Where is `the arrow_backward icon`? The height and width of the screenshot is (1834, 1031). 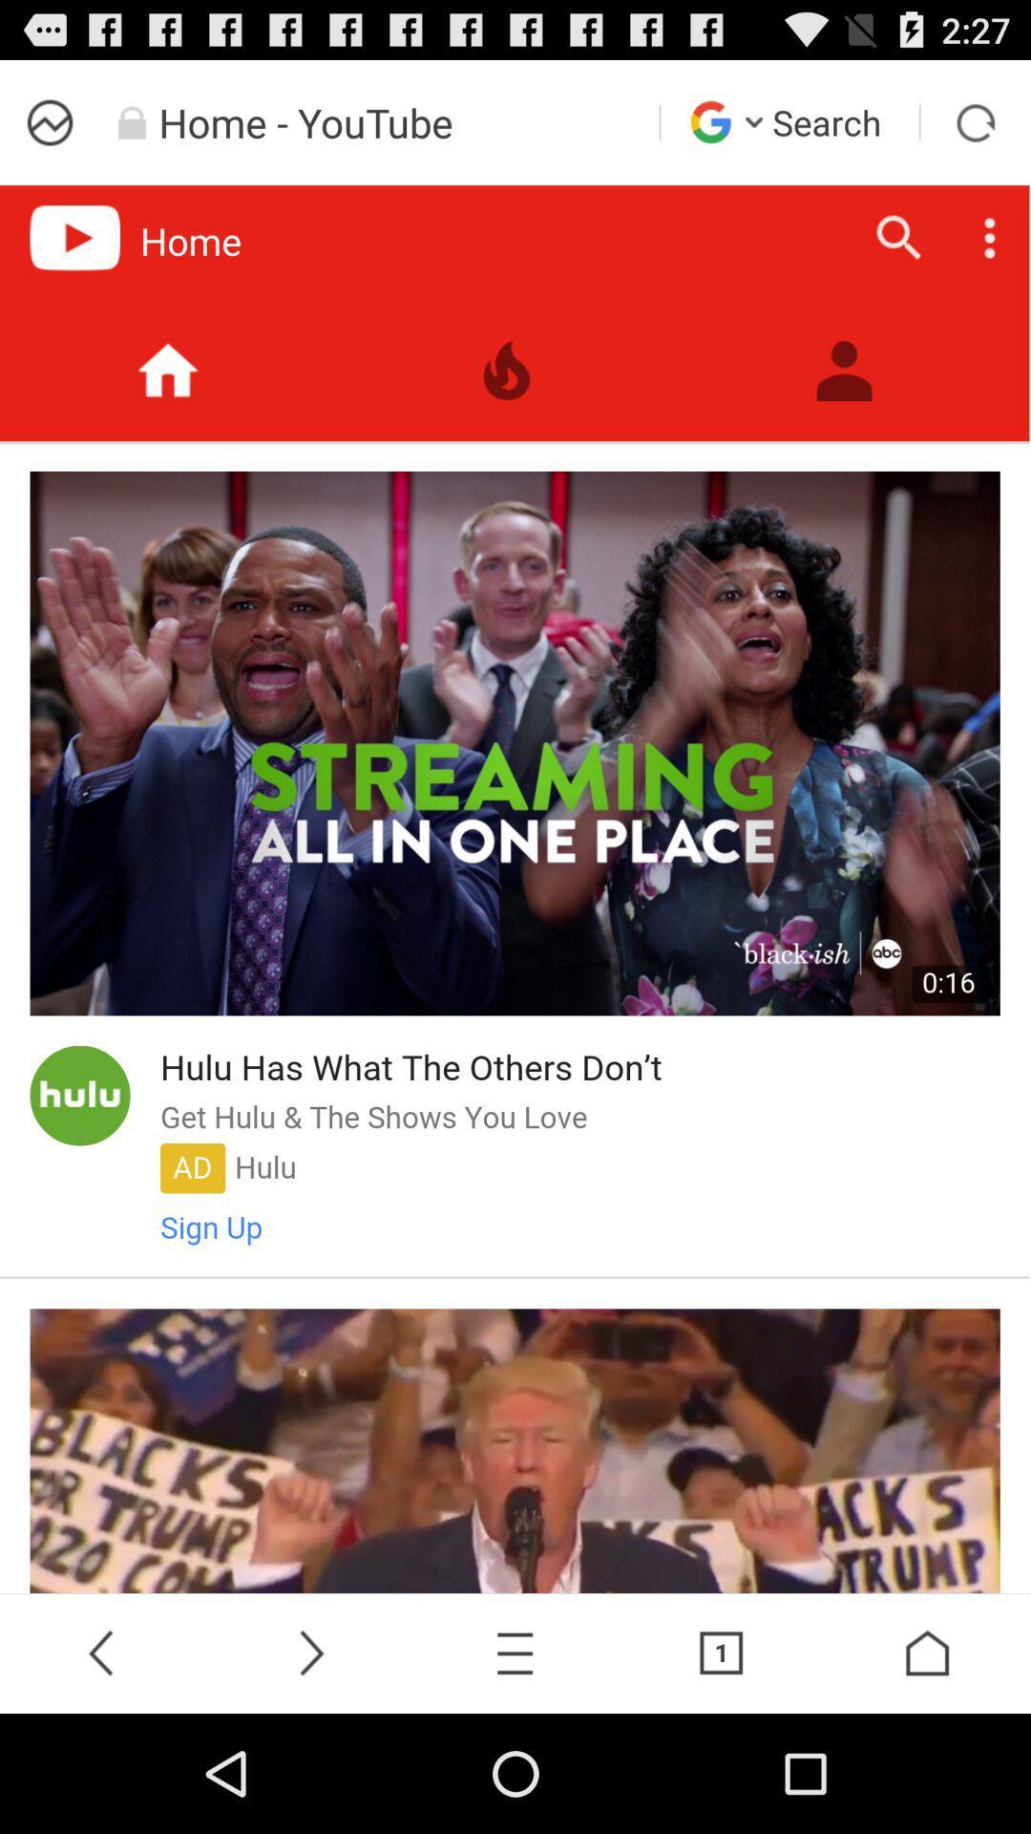
the arrow_backward icon is located at coordinates (103, 1768).